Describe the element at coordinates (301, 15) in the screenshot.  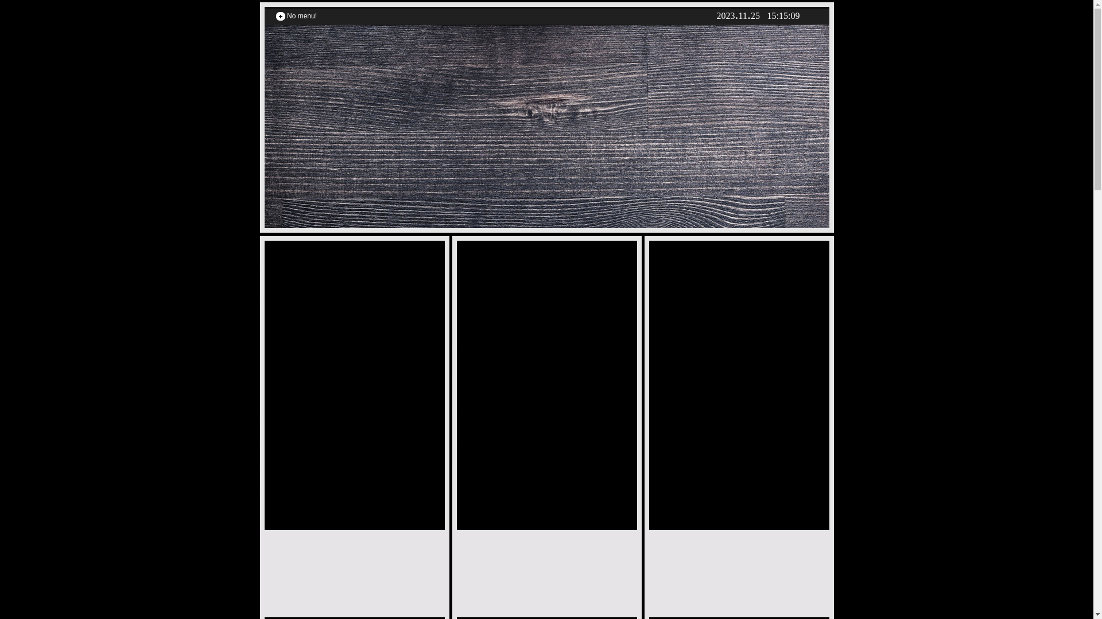
I see `'No menu!'` at that location.